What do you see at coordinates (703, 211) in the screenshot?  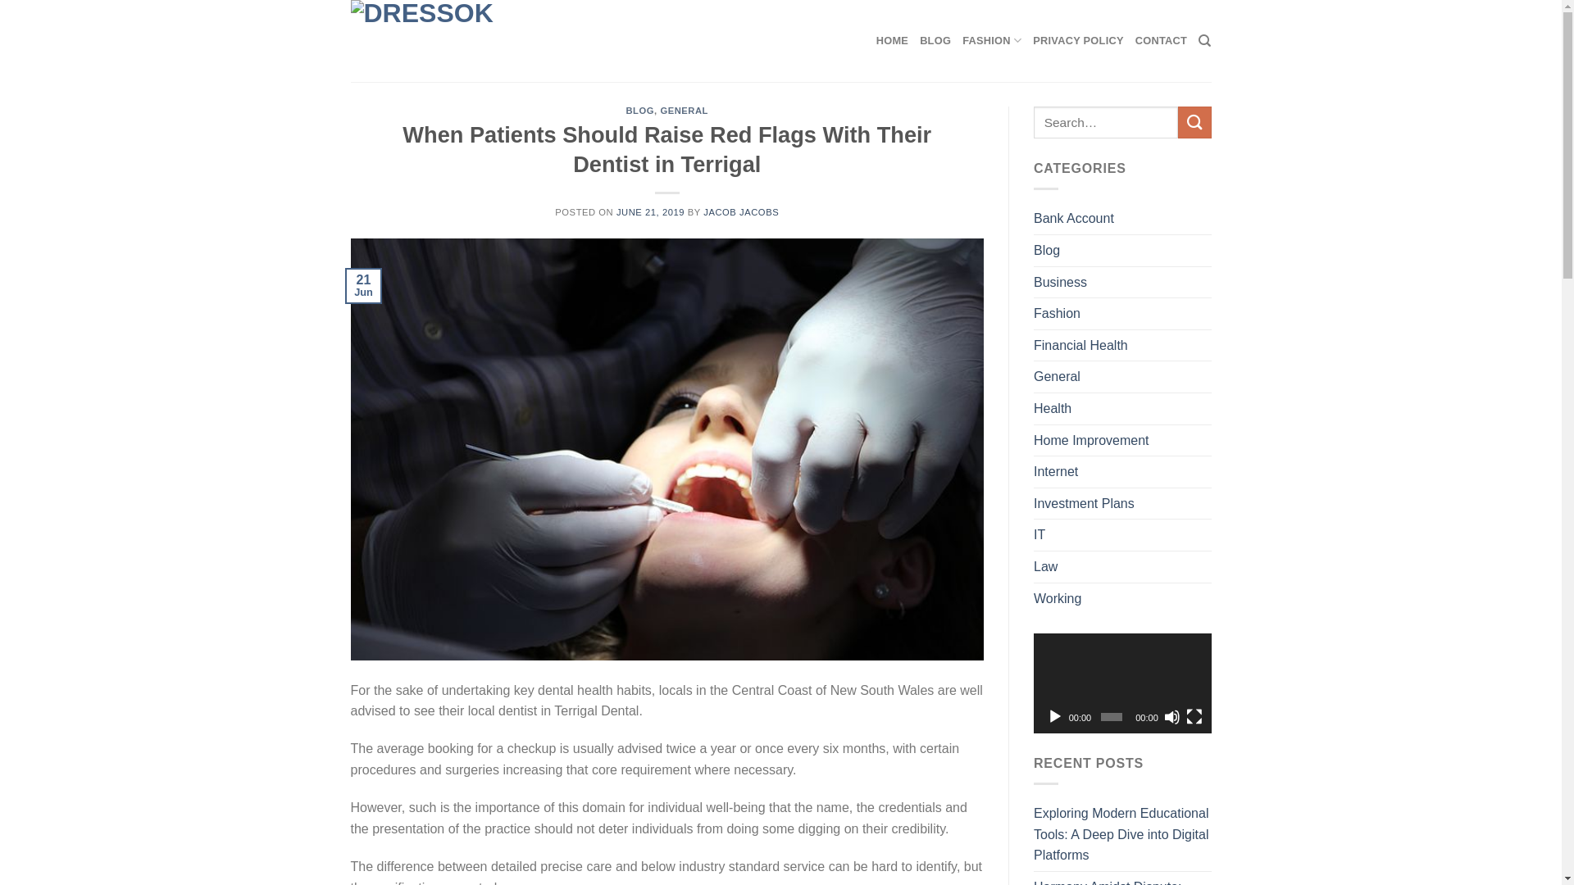 I see `'JACOB JACOBS'` at bounding box center [703, 211].